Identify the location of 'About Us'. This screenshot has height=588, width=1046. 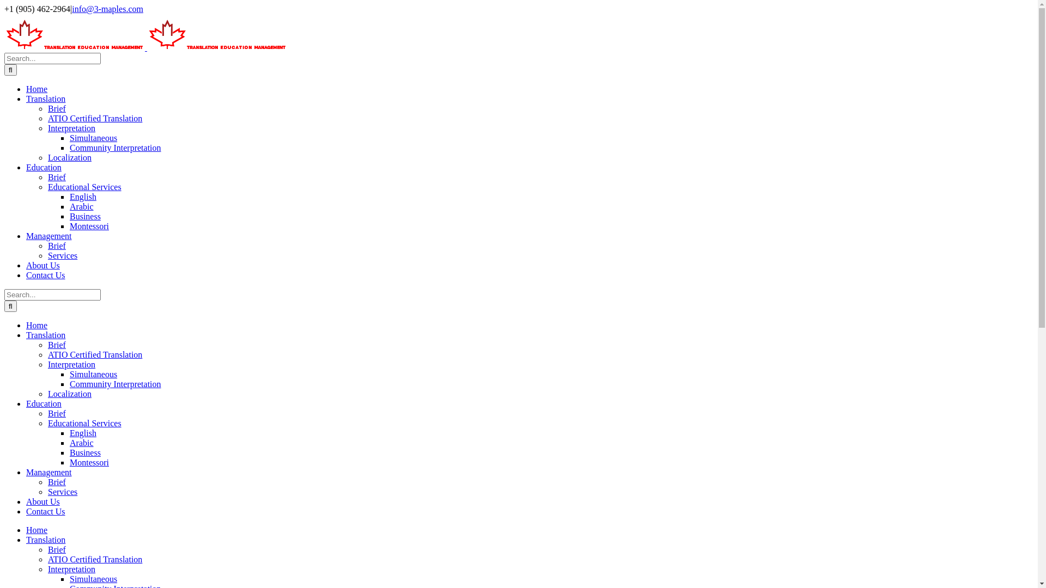
(42, 265).